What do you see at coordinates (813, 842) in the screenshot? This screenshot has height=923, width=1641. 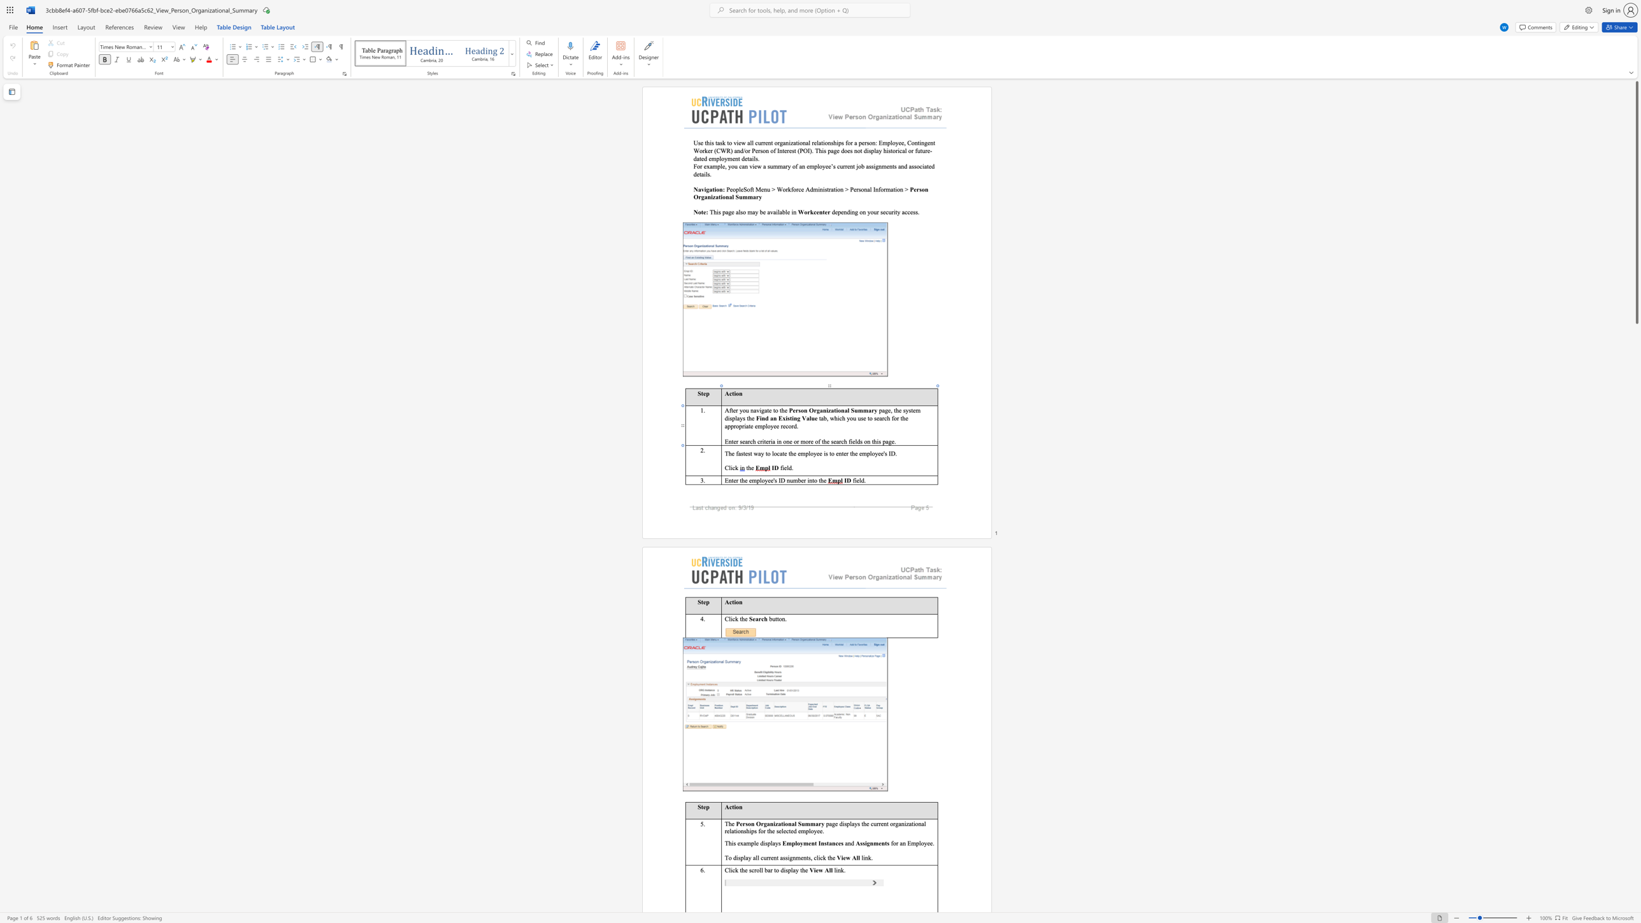 I see `the space between the continuous character "n" and "t" in the text` at bounding box center [813, 842].